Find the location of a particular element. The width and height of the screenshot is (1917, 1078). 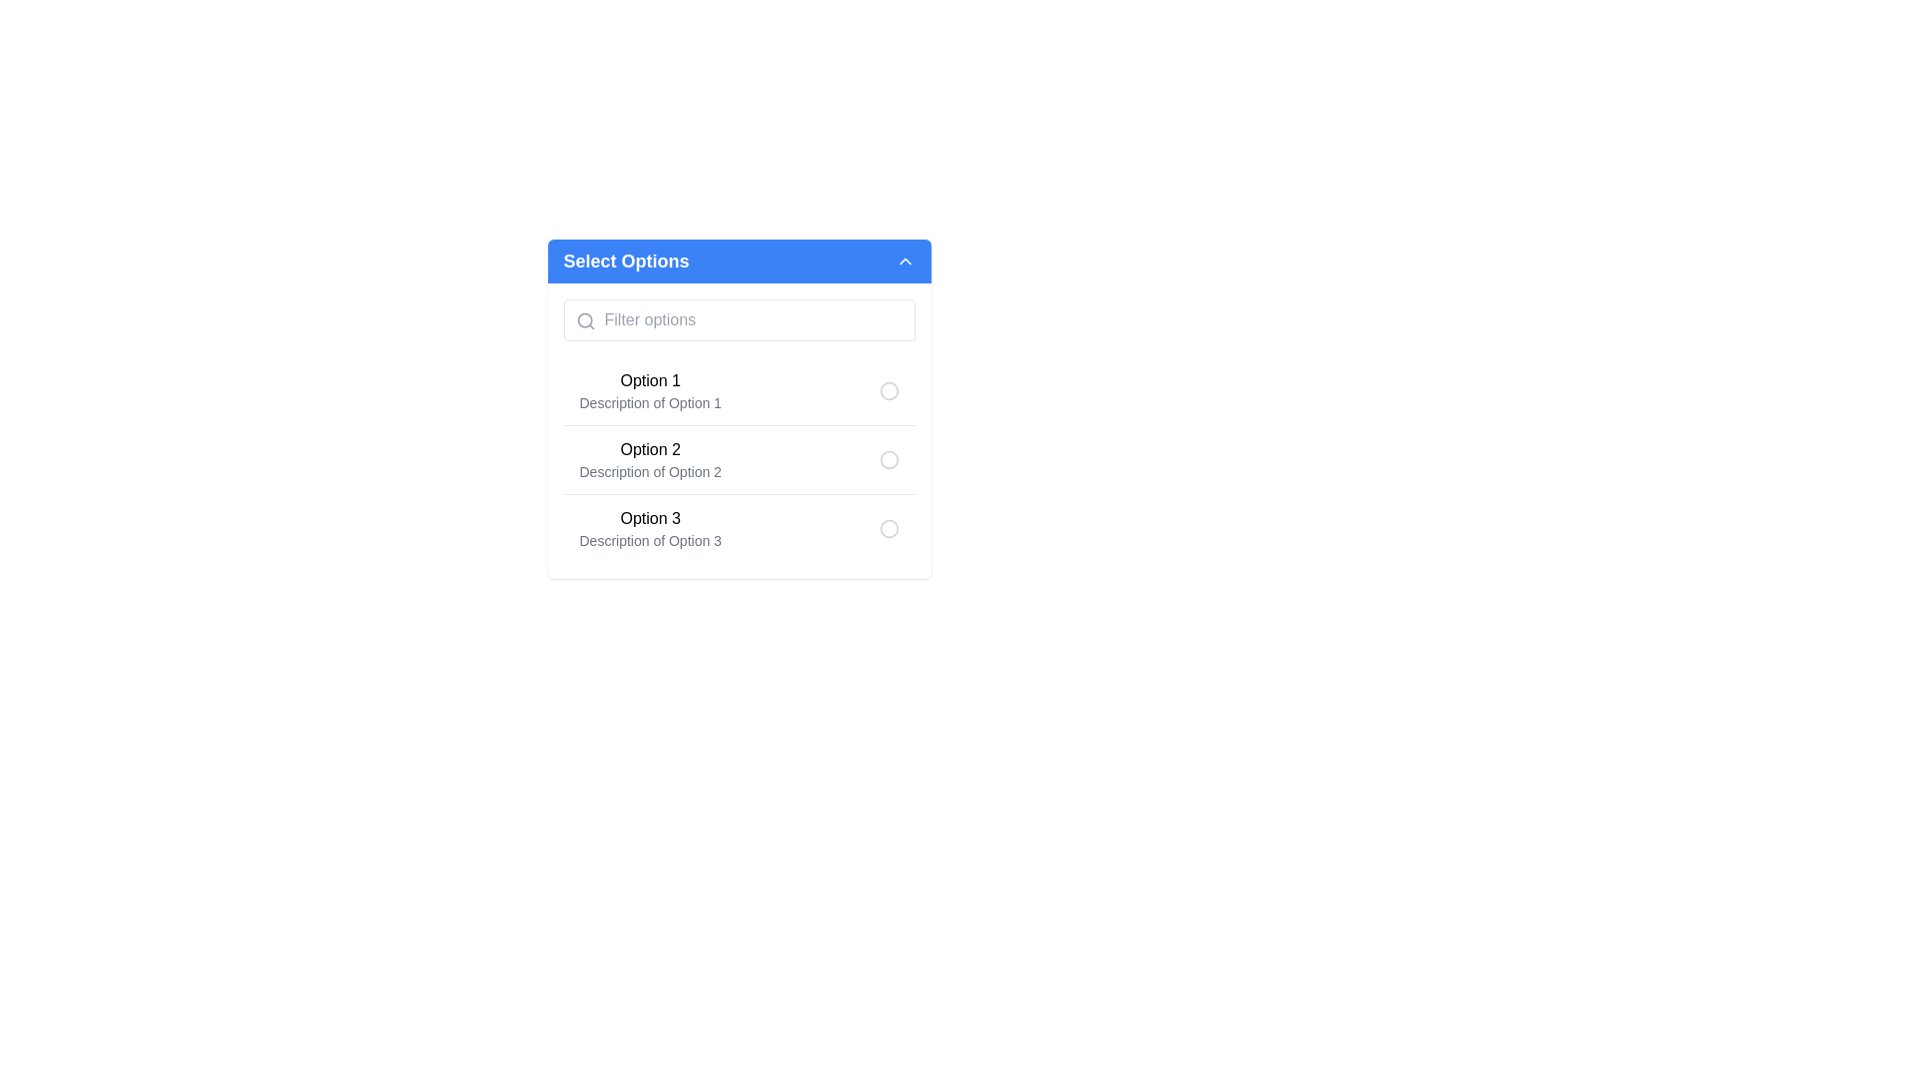

the radio button associated with 'Option 2' is located at coordinates (738, 430).